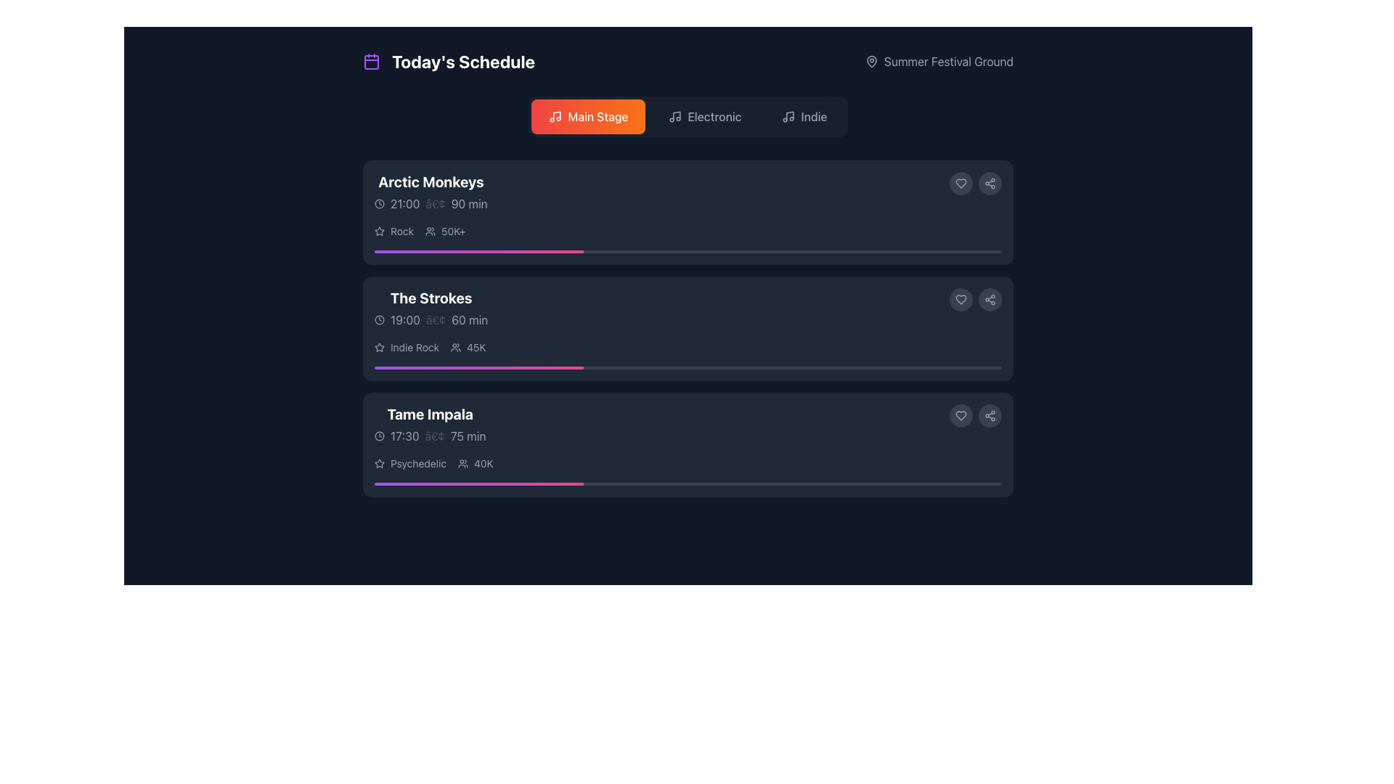  Describe the element at coordinates (380, 204) in the screenshot. I see `the circular graphical icon part of 'The Strokes' in the 'Today's Schedule' section, which is defined by a thin stroke outline and located near the beginning of the item's row` at that location.